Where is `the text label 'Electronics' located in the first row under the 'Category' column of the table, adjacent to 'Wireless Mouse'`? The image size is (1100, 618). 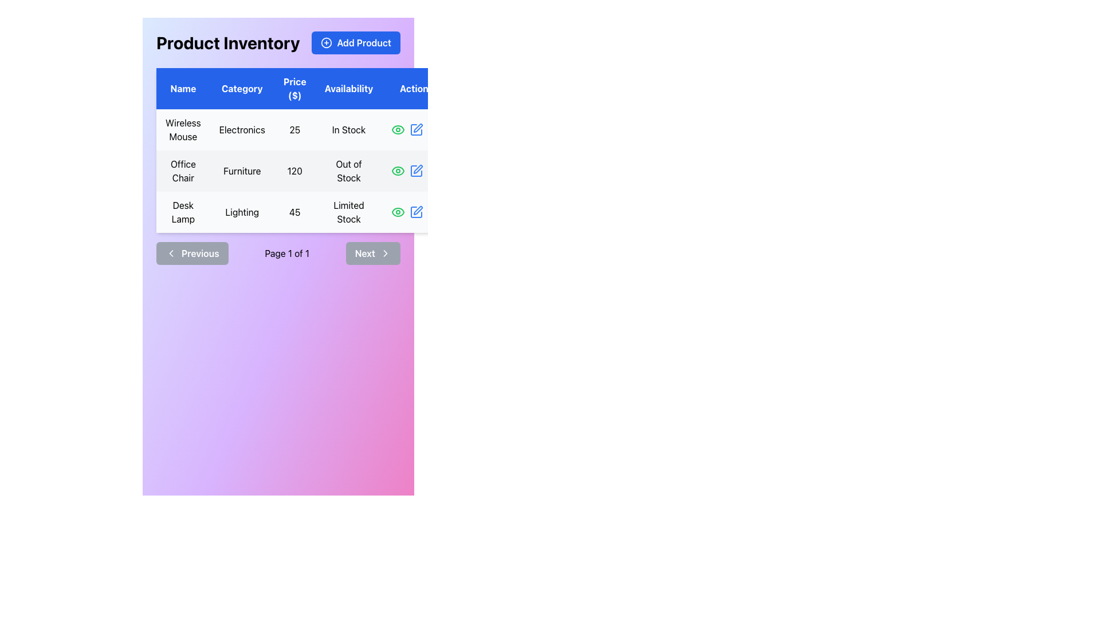 the text label 'Electronics' located in the first row under the 'Category' column of the table, adjacent to 'Wireless Mouse' is located at coordinates (241, 129).